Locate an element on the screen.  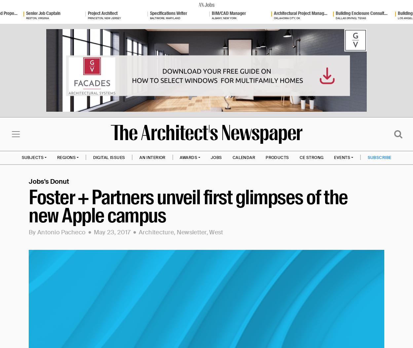
'Subscribe' is located at coordinates (379, 157).